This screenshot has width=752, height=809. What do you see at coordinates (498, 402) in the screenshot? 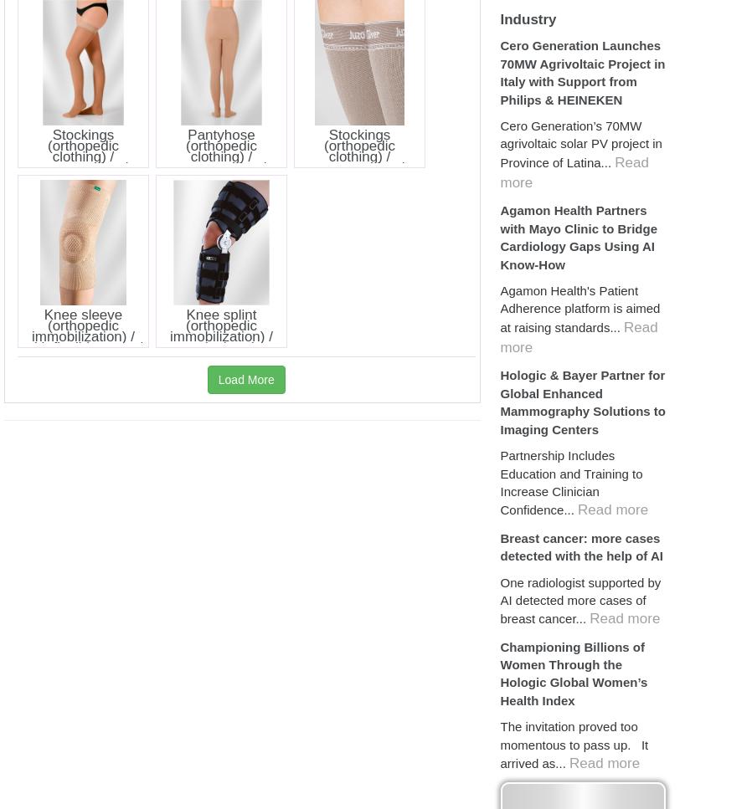
I see `'Hologic & Bayer Partner for Global Enhanced Mammography Solutions to Imaging Centers'` at bounding box center [498, 402].